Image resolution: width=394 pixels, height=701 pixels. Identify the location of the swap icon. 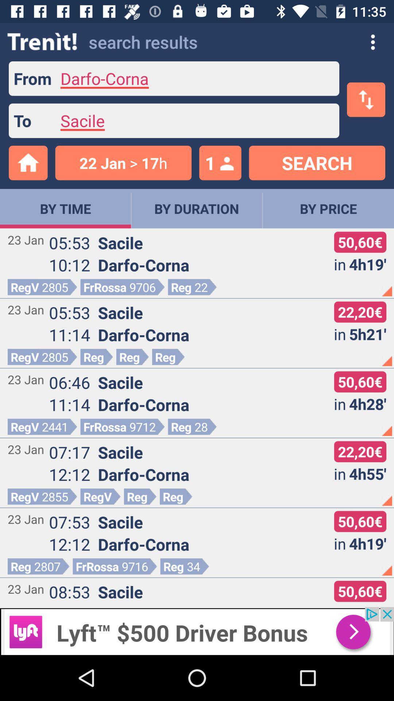
(366, 99).